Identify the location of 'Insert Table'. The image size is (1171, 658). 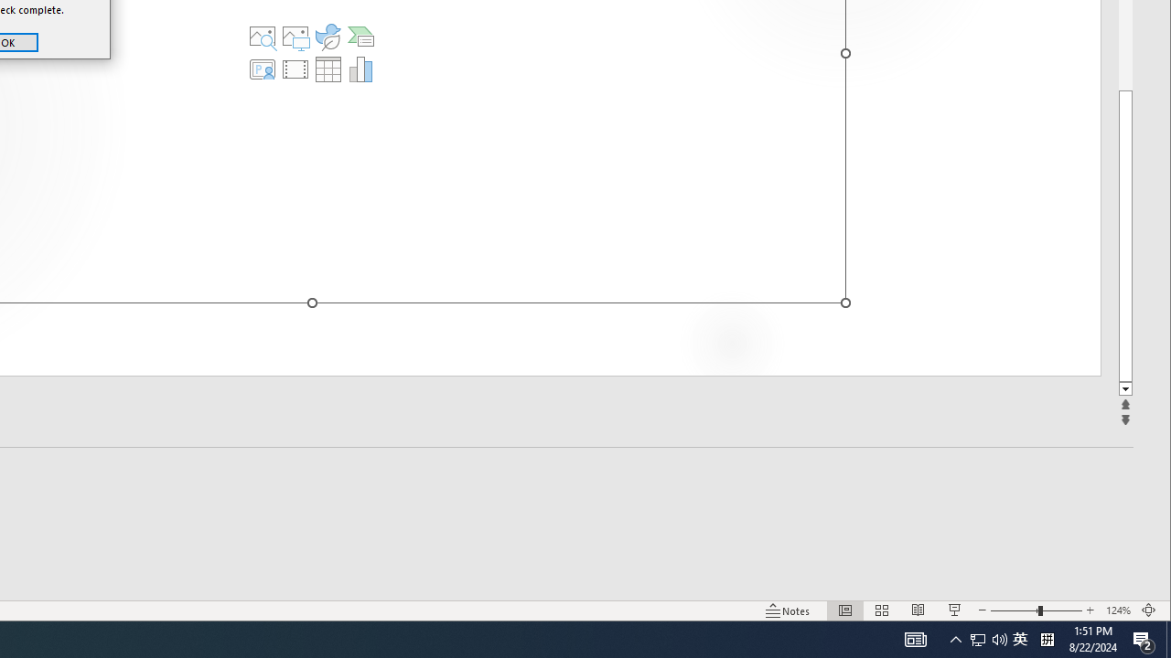
(328, 68).